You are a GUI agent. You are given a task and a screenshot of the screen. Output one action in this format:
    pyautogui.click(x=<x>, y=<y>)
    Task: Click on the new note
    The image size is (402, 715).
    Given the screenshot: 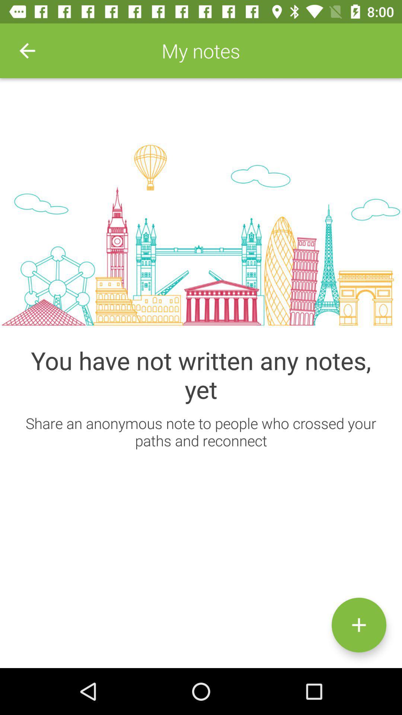 What is the action you would take?
    pyautogui.click(x=358, y=625)
    